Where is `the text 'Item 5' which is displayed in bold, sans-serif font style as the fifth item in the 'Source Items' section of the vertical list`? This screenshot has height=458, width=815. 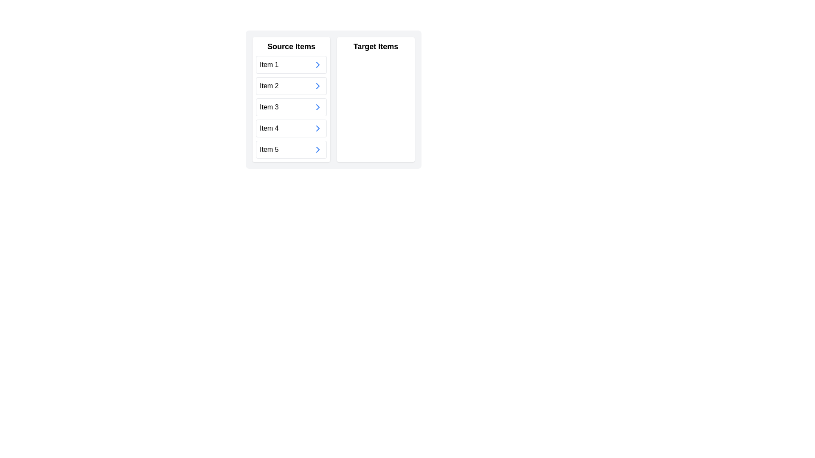
the text 'Item 5' which is displayed in bold, sans-serif font style as the fifth item in the 'Source Items' section of the vertical list is located at coordinates (268, 149).